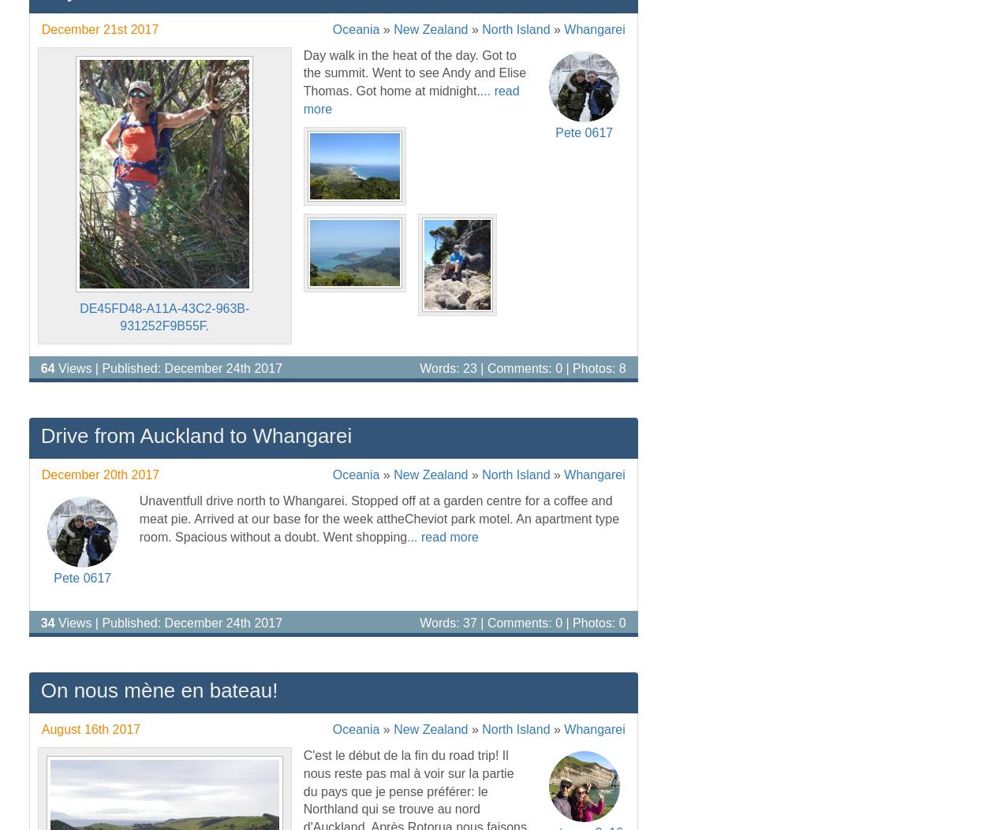  I want to click on 'Drive from Auckland to Whangarei', so click(195, 435).